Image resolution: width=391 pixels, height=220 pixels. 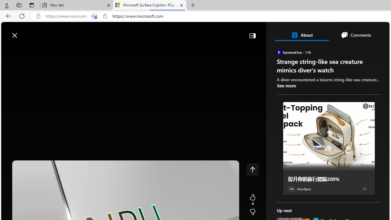 I want to click on 'KameraOne', so click(x=279, y=52).